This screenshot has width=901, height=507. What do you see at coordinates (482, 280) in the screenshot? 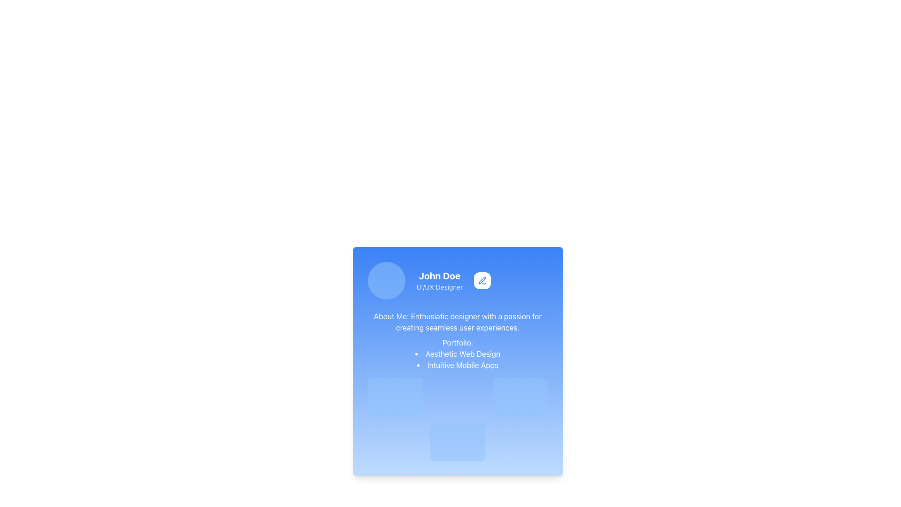
I see `the interactive button located immediately to the right of the texts 'John Doe' and 'UI/UX Designer'` at bounding box center [482, 280].